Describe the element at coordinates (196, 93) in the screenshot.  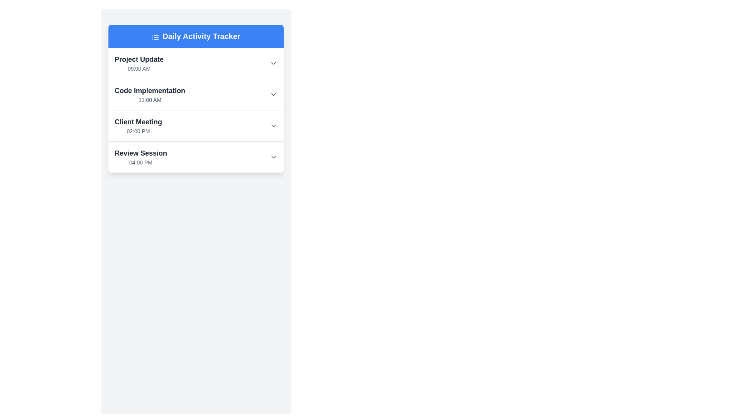
I see `the dropdown arrow on the second entry of the activity tracker, which shows the activity title 'Code Implementation' and scheduled time '11:00 AM'` at that location.